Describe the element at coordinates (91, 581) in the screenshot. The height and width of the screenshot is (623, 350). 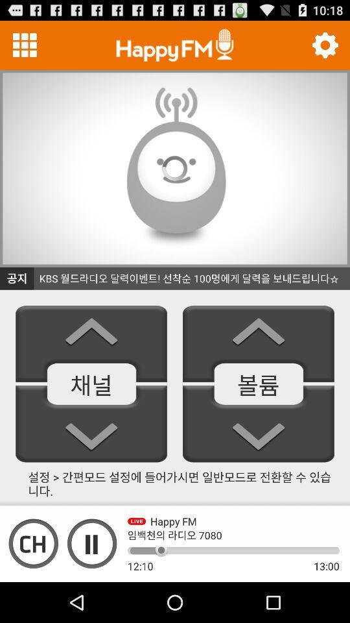
I see `the pause icon` at that location.